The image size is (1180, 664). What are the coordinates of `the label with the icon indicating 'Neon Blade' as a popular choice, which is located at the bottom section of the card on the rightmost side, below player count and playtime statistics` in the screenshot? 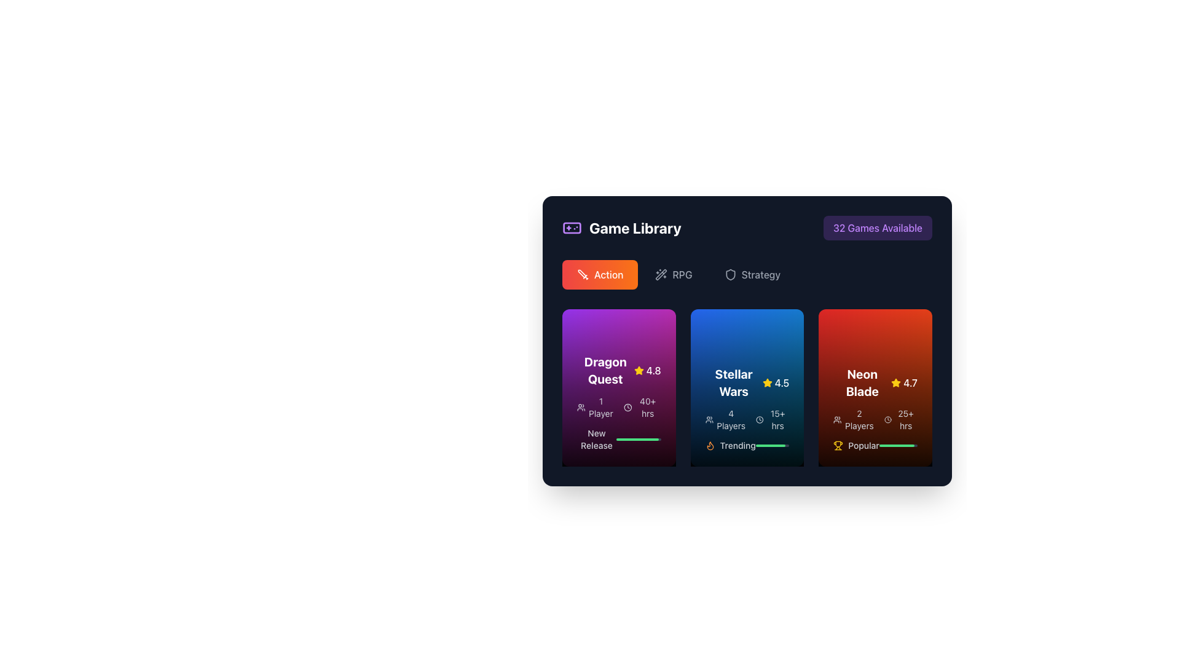 It's located at (855, 446).